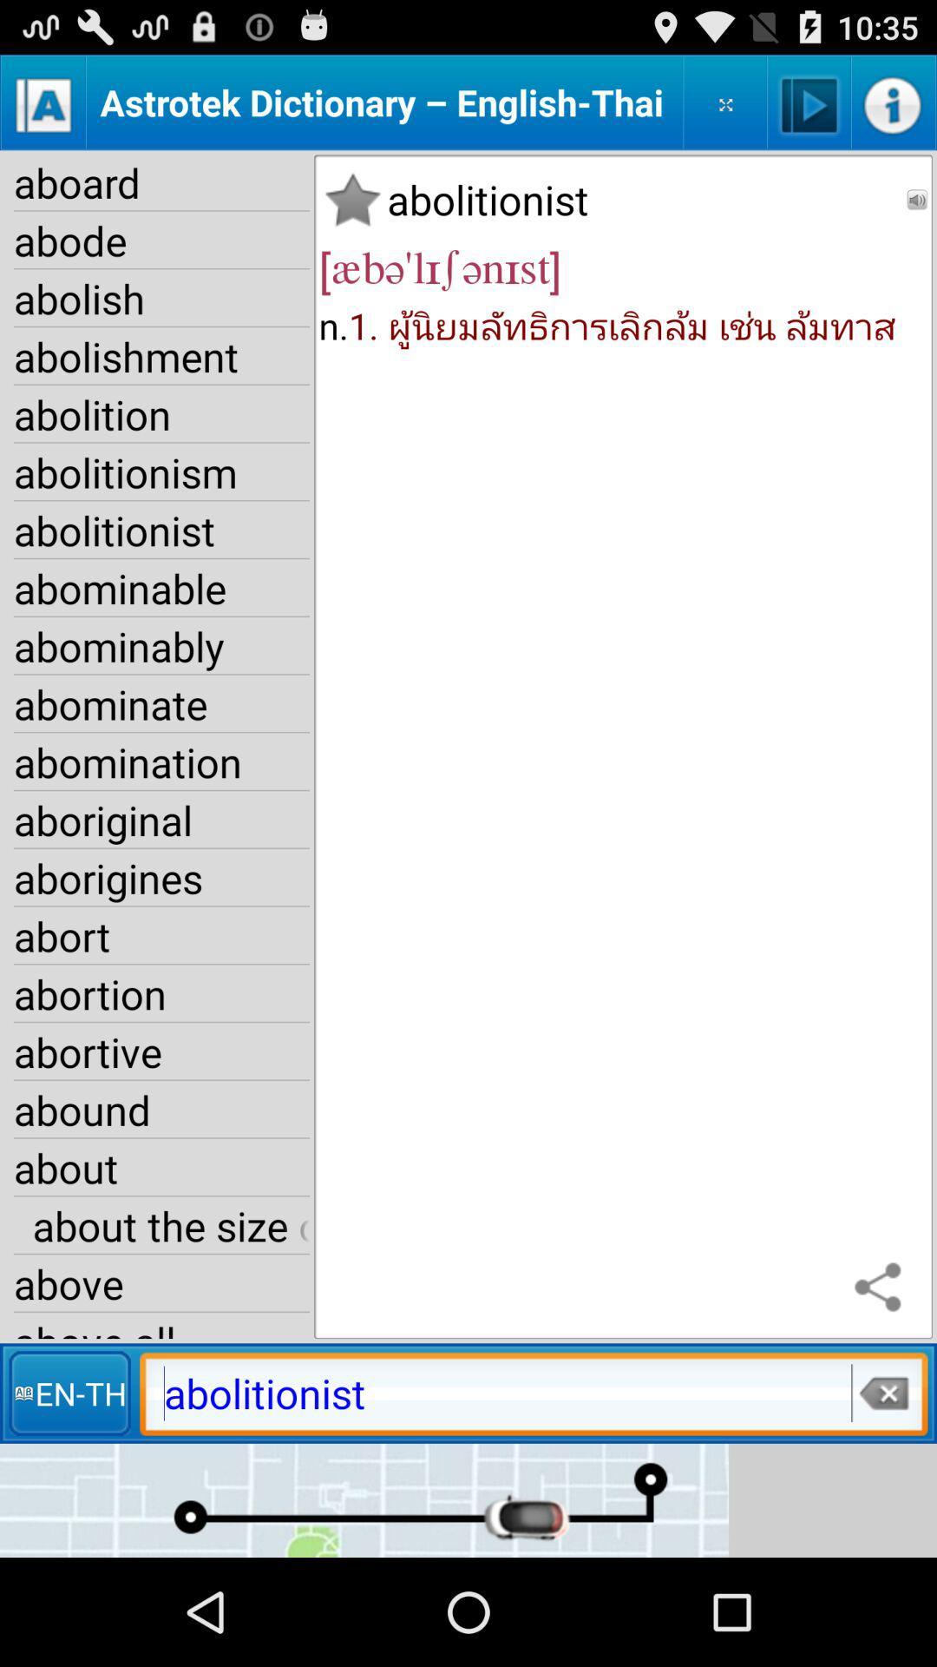  I want to click on scale down app, so click(725, 102).